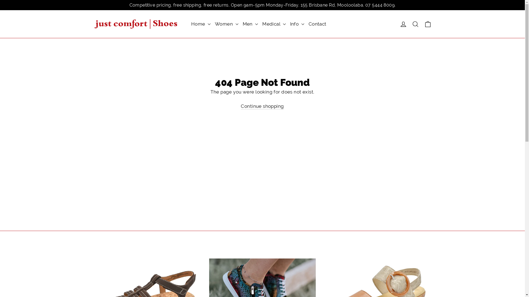  Describe the element at coordinates (415, 24) in the screenshot. I see `'Search'` at that location.